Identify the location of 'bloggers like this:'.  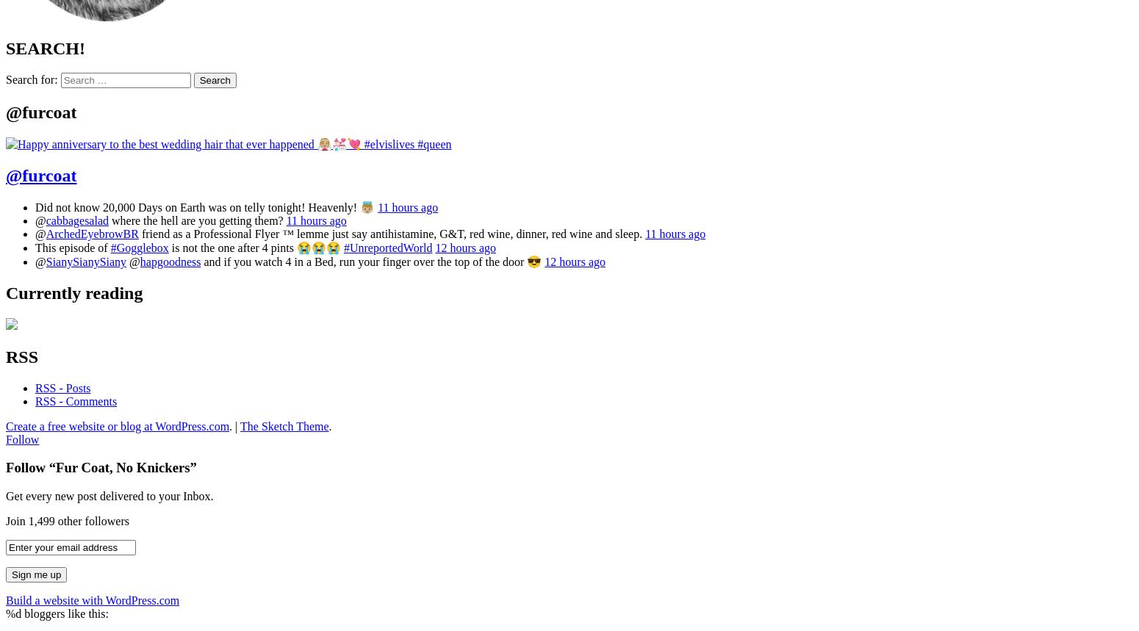
(65, 613).